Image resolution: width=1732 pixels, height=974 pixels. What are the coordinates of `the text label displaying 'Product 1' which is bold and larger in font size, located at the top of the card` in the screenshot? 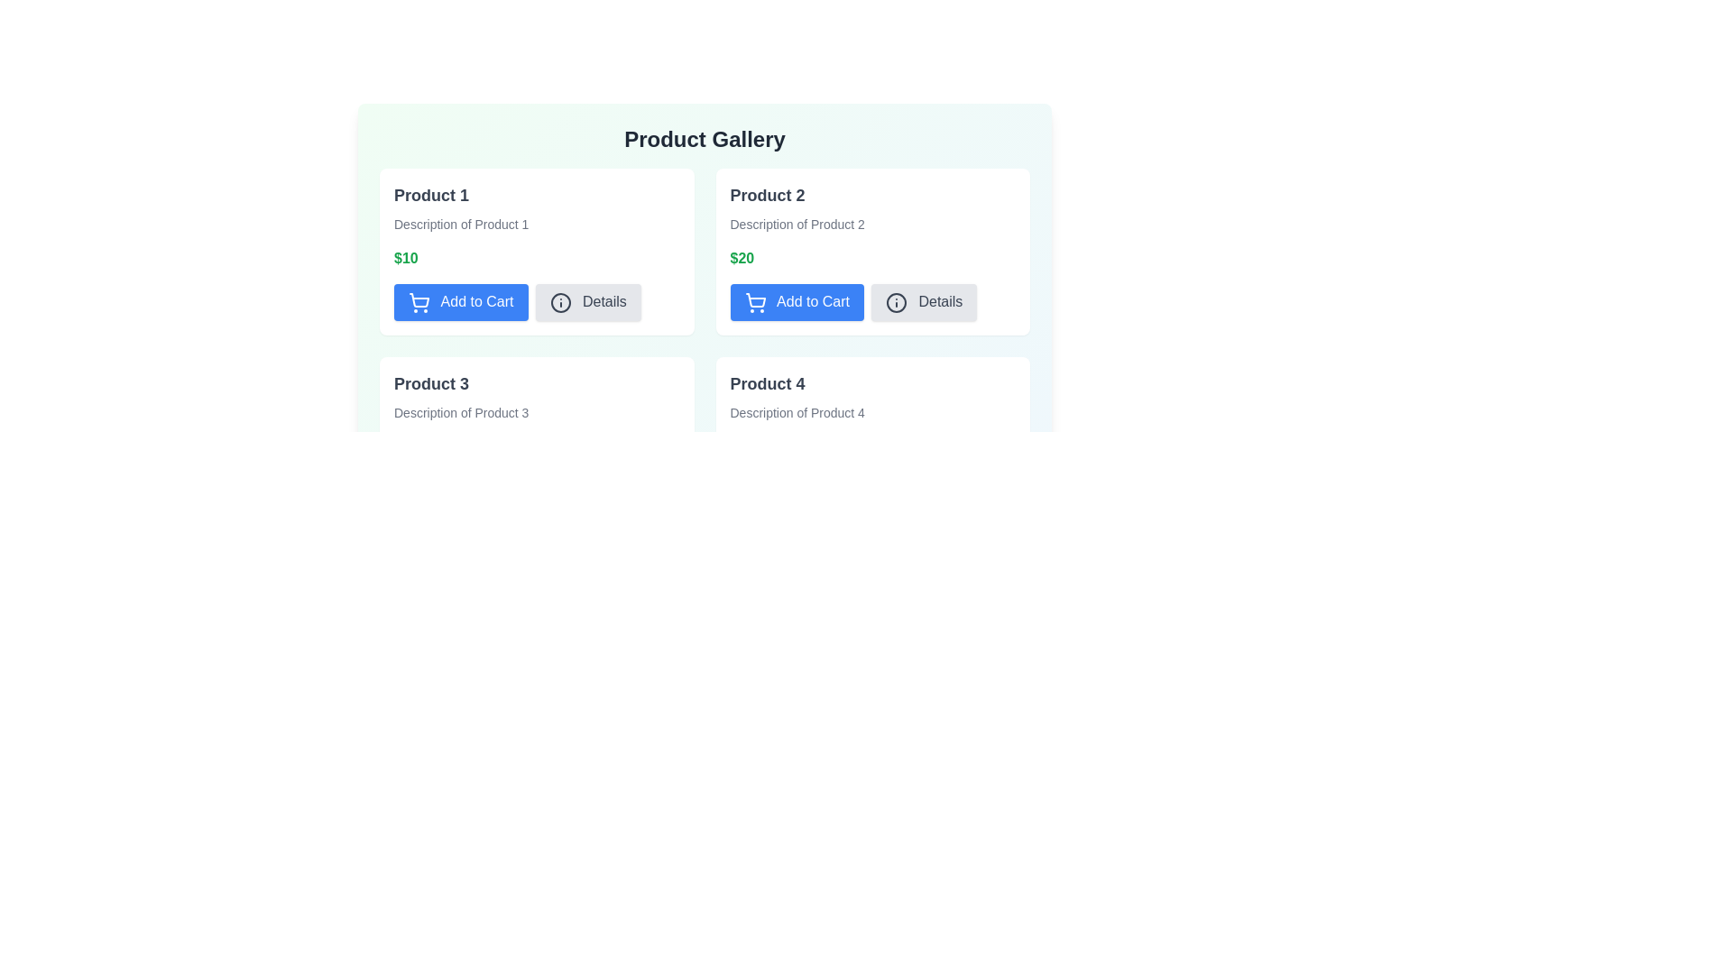 It's located at (430, 195).